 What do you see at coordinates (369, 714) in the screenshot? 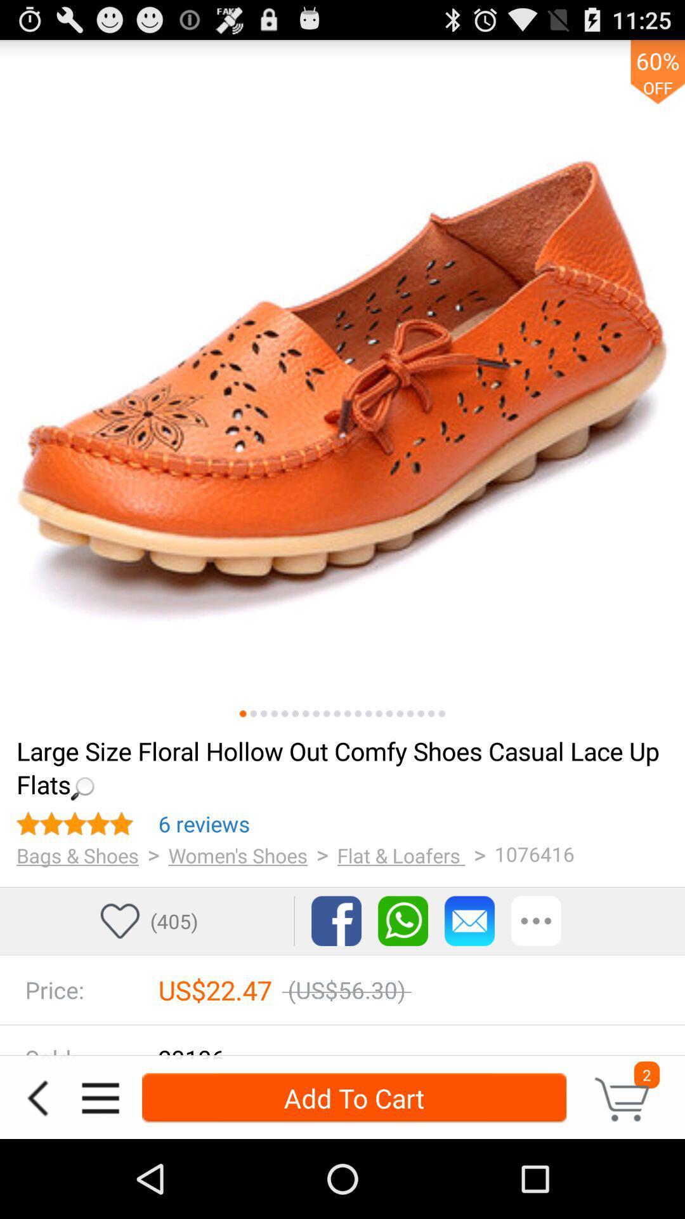
I see `image` at bounding box center [369, 714].